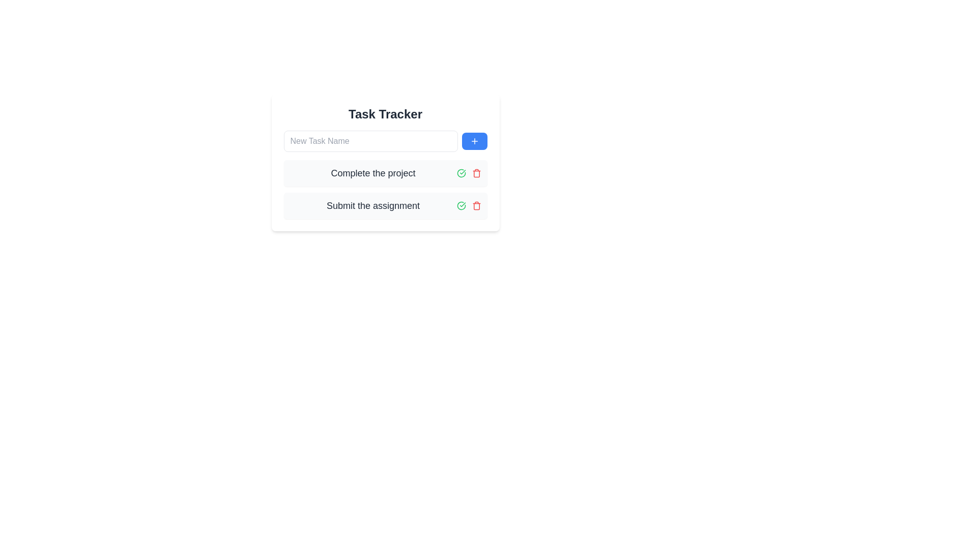 The width and height of the screenshot is (977, 549). What do you see at coordinates (474, 141) in the screenshot?
I see `the add task icon located at the top-right corner of the task management section` at bounding box center [474, 141].